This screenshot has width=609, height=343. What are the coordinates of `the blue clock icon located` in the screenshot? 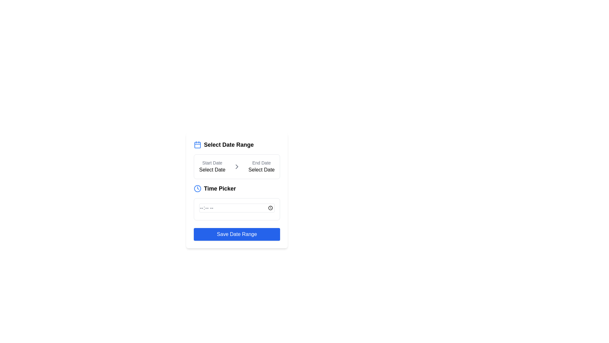 It's located at (197, 188).